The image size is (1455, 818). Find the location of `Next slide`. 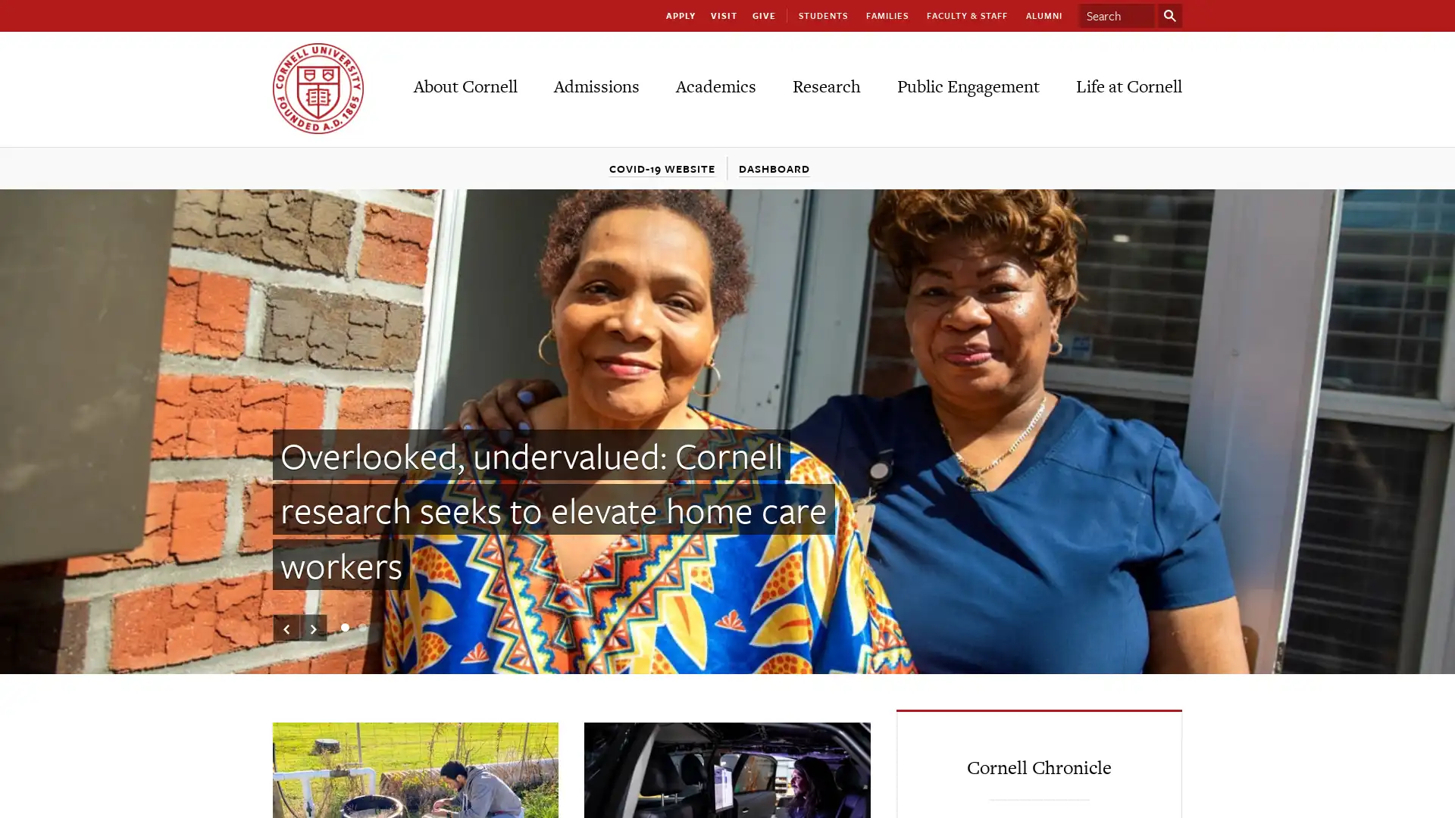

Next slide is located at coordinates (312, 628).